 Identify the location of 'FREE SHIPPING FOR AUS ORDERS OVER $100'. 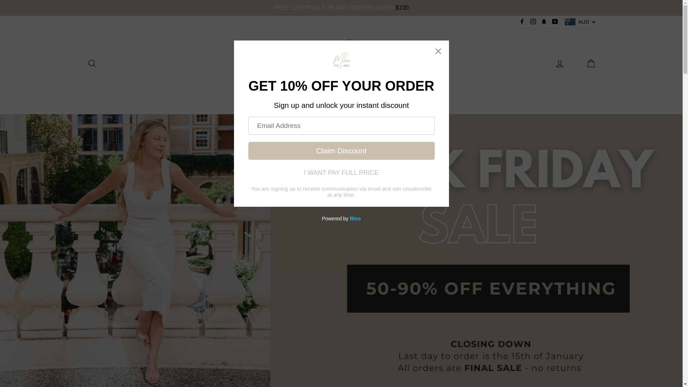
(0, 8).